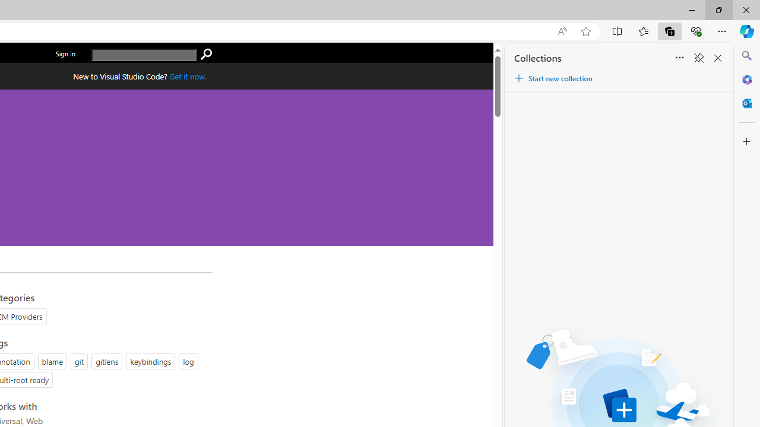 This screenshot has width=760, height=427. I want to click on 'search', so click(206, 55).